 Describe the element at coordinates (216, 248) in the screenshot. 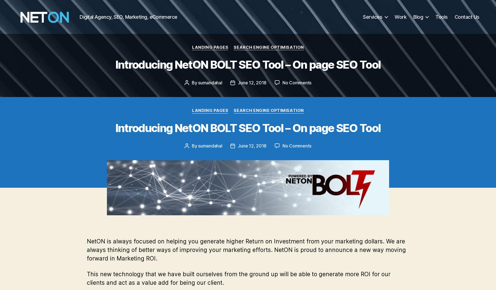

I see `'Your email address will not be published.'` at that location.